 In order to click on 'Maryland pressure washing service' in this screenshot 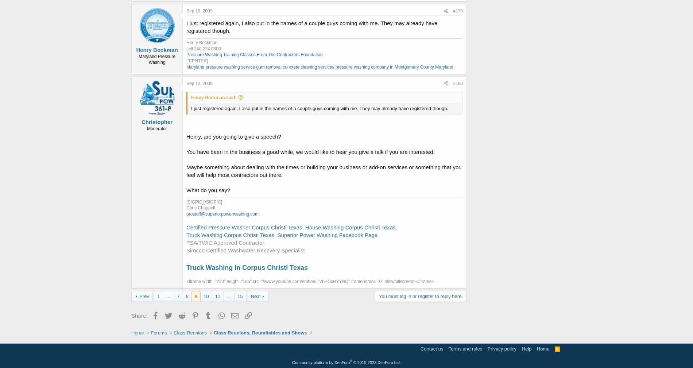, I will do `click(220, 67)`.